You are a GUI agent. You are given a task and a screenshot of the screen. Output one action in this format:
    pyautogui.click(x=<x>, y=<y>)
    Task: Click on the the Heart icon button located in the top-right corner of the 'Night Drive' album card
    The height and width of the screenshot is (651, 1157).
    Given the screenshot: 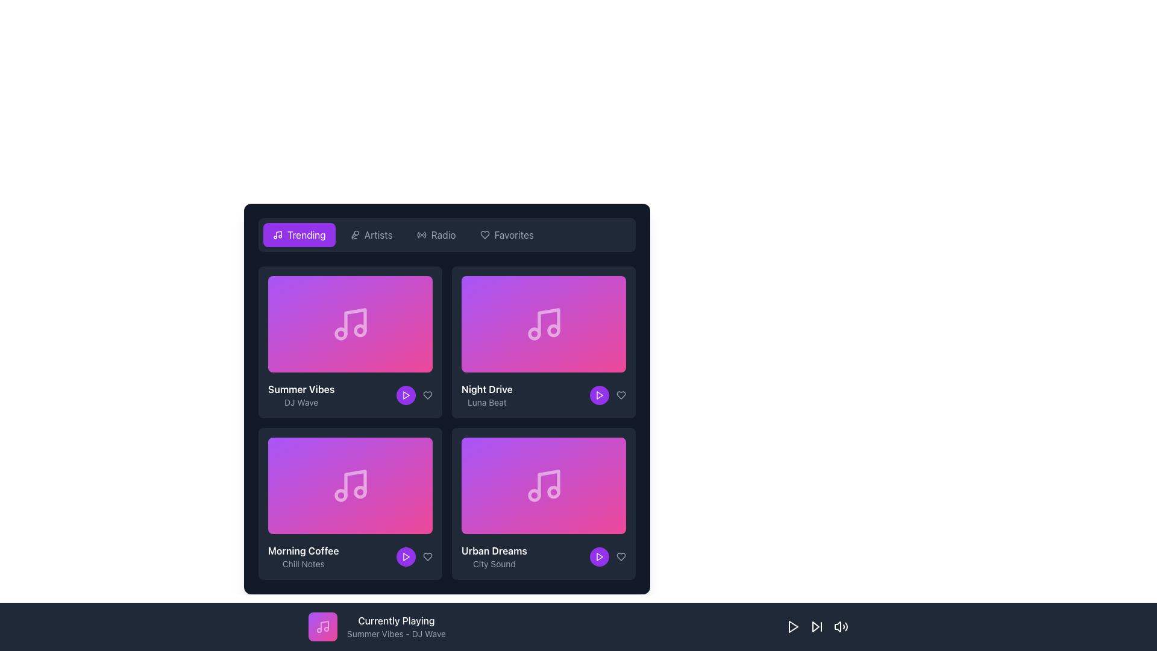 What is the action you would take?
    pyautogui.click(x=428, y=395)
    